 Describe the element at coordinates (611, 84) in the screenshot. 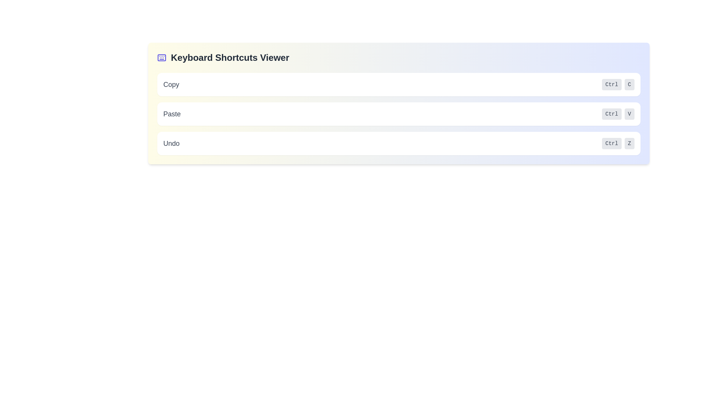

I see `rectangular button-like component displaying the text 'Ctrl' in the Keyboard Shortcuts Viewer interface, located in the topmost shortcut row labeled 'Copy'` at that location.